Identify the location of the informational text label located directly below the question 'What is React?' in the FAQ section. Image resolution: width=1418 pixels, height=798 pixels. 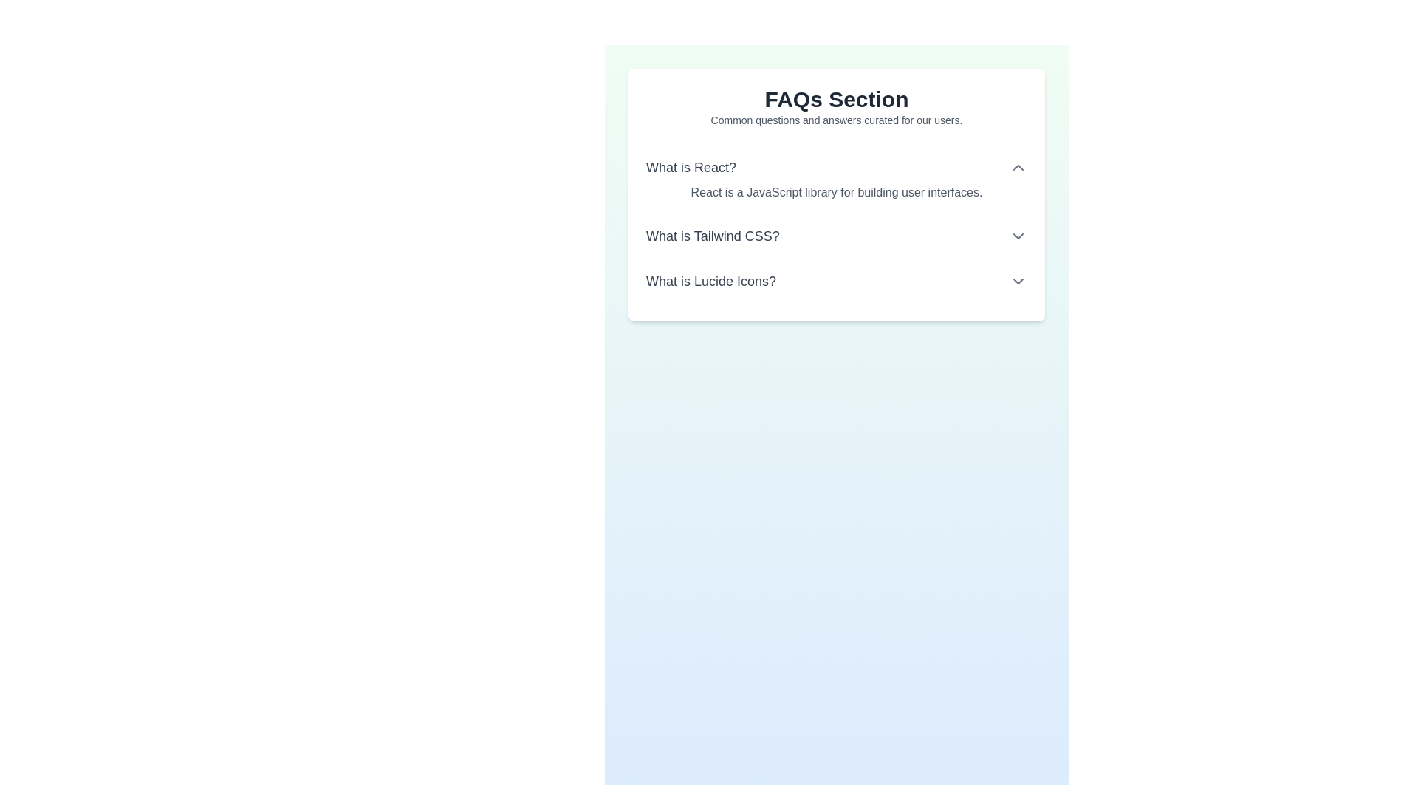
(836, 192).